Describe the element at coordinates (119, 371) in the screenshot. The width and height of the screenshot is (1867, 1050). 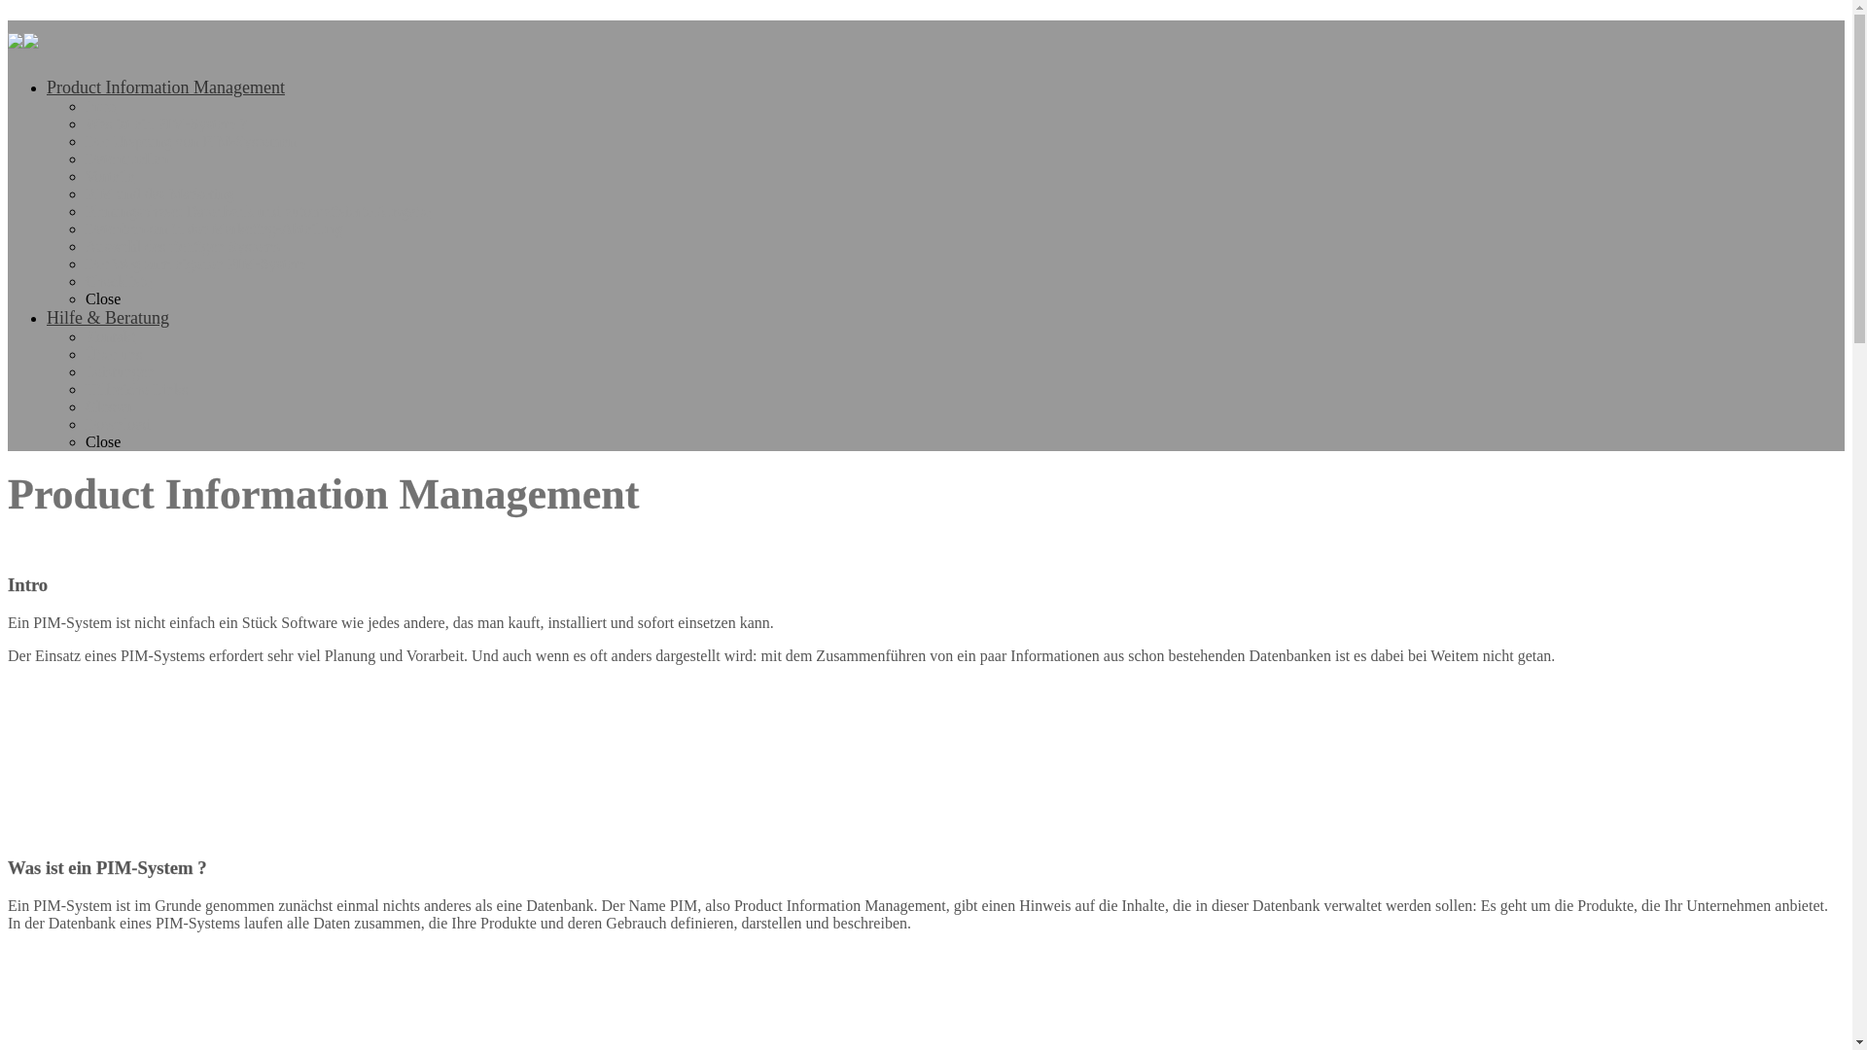
I see `'Leistungen'` at that location.